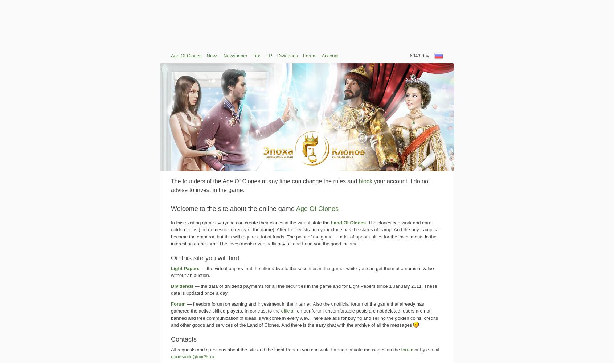 The width and height of the screenshot is (614, 363). I want to click on 'In this exciting game everyone can create their clones in the virtual state the', so click(171, 222).